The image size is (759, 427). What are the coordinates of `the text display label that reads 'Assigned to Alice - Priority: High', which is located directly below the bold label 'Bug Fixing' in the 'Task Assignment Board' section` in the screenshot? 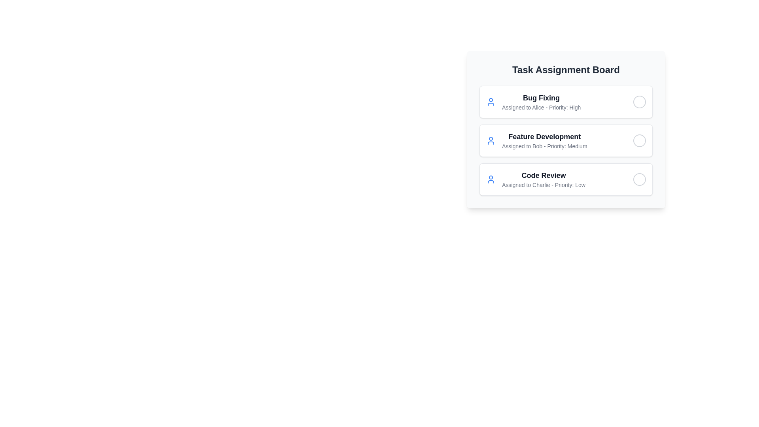 It's located at (541, 108).